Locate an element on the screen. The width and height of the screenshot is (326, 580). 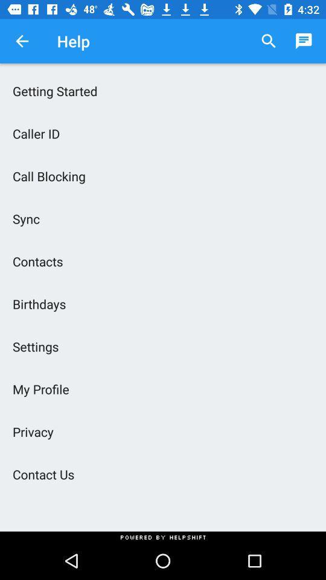
contacts item is located at coordinates (163, 261).